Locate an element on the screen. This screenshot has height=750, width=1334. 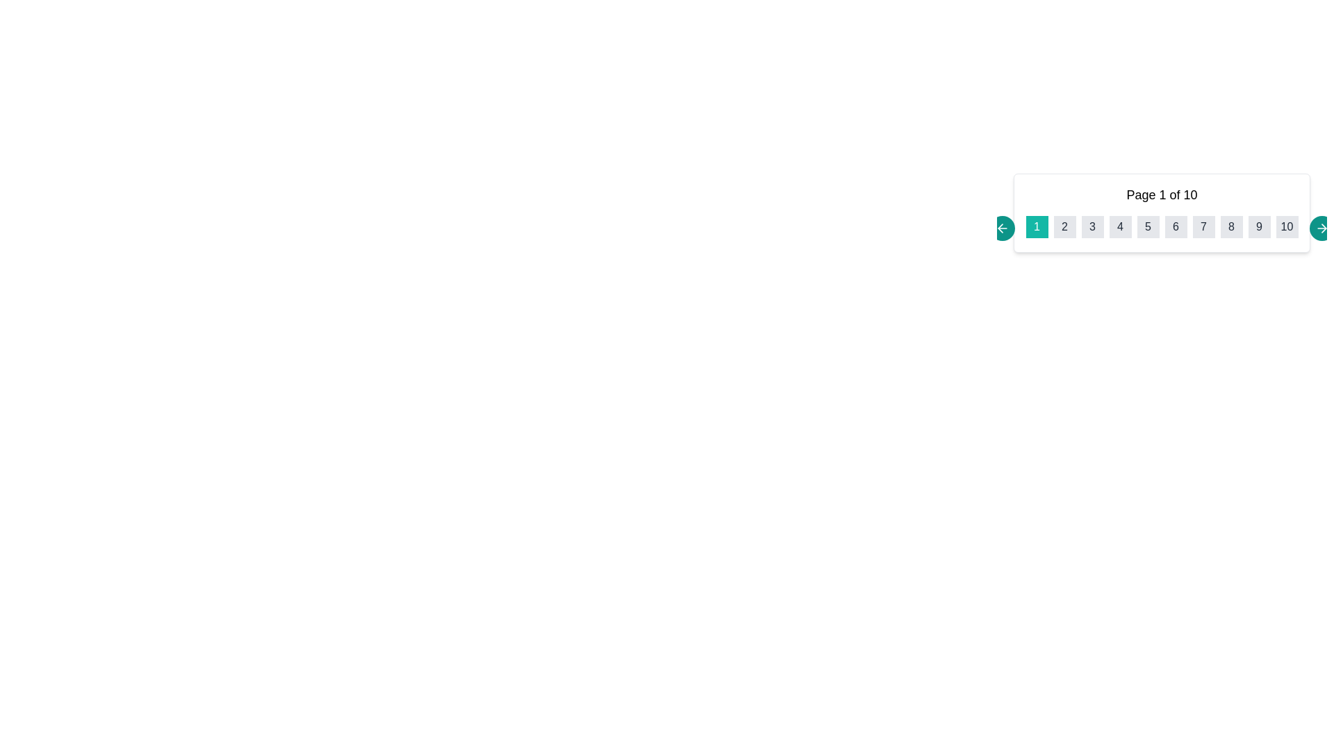
the fourth button in the pagination bar that has a light-gray background and the number '4' in dark text is located at coordinates (1120, 226).